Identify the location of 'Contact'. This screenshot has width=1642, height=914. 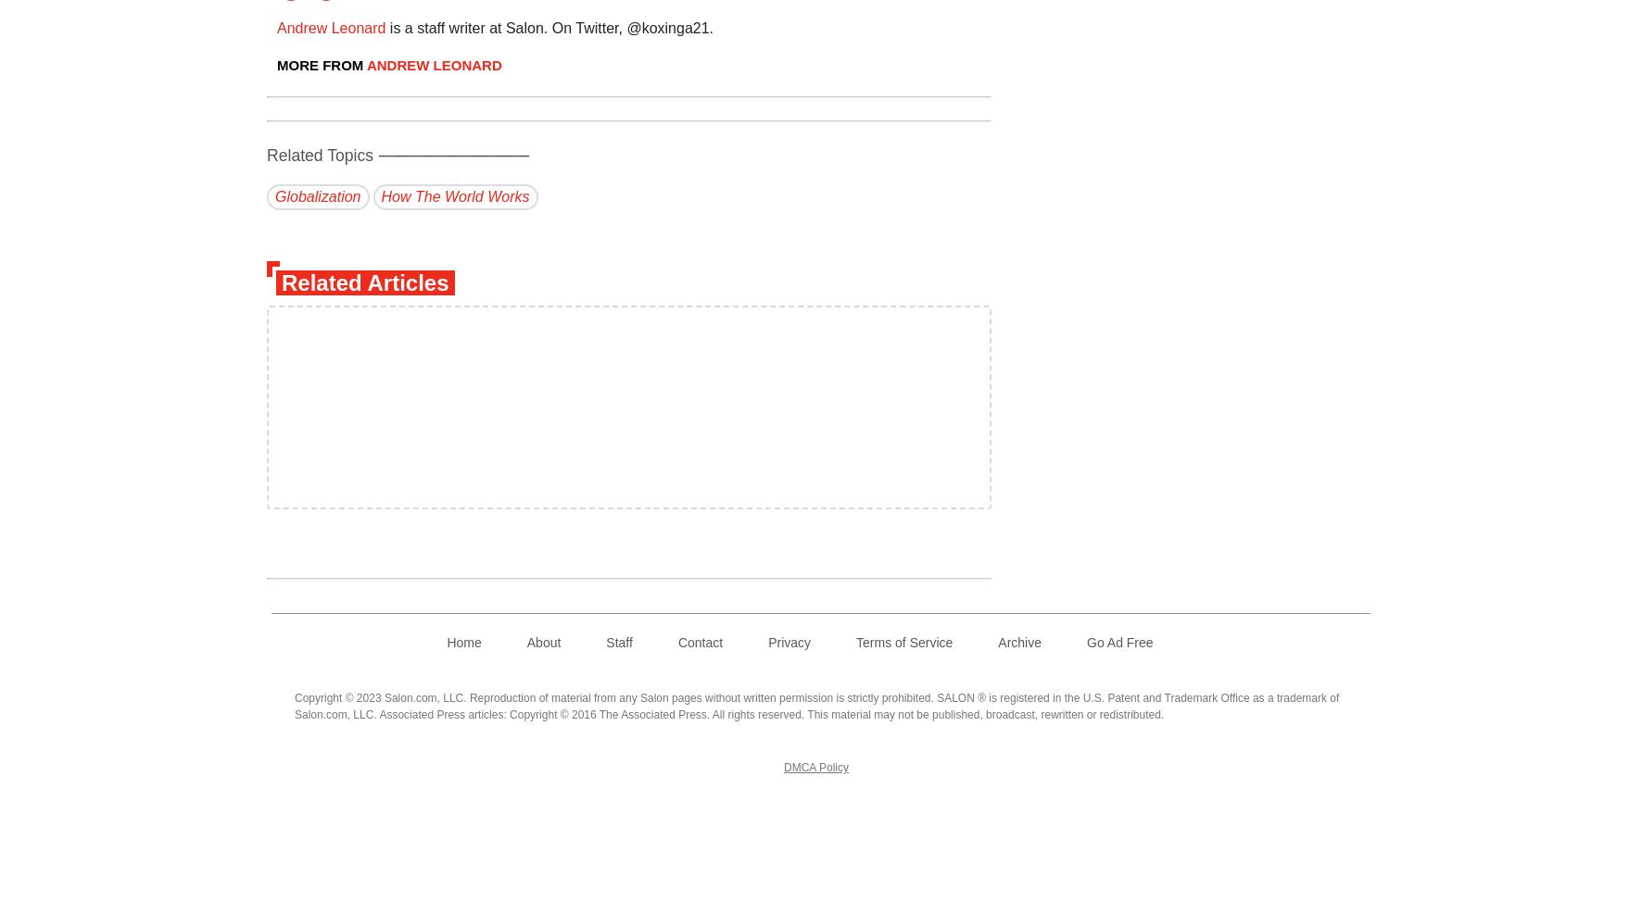
(699, 641).